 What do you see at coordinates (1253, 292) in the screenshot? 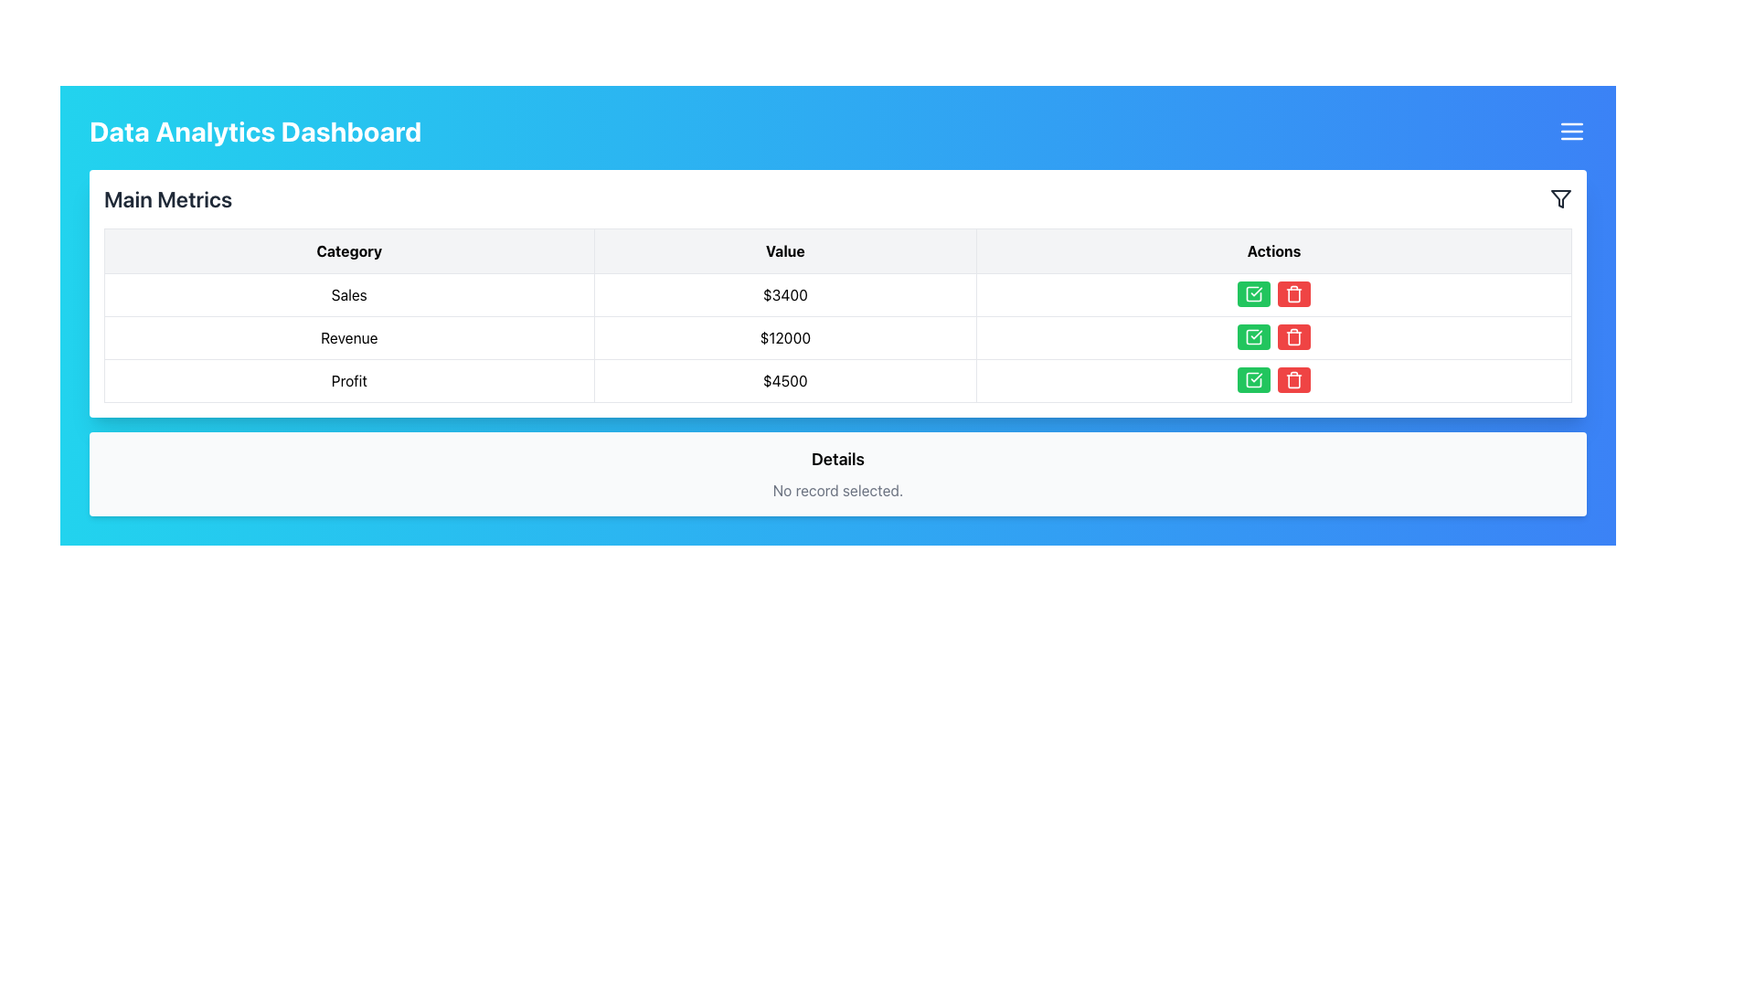
I see `the green validation button with a checkmark icon located in the 'Actions' column of the top row in the data table, positioned near the right side of the table` at bounding box center [1253, 292].